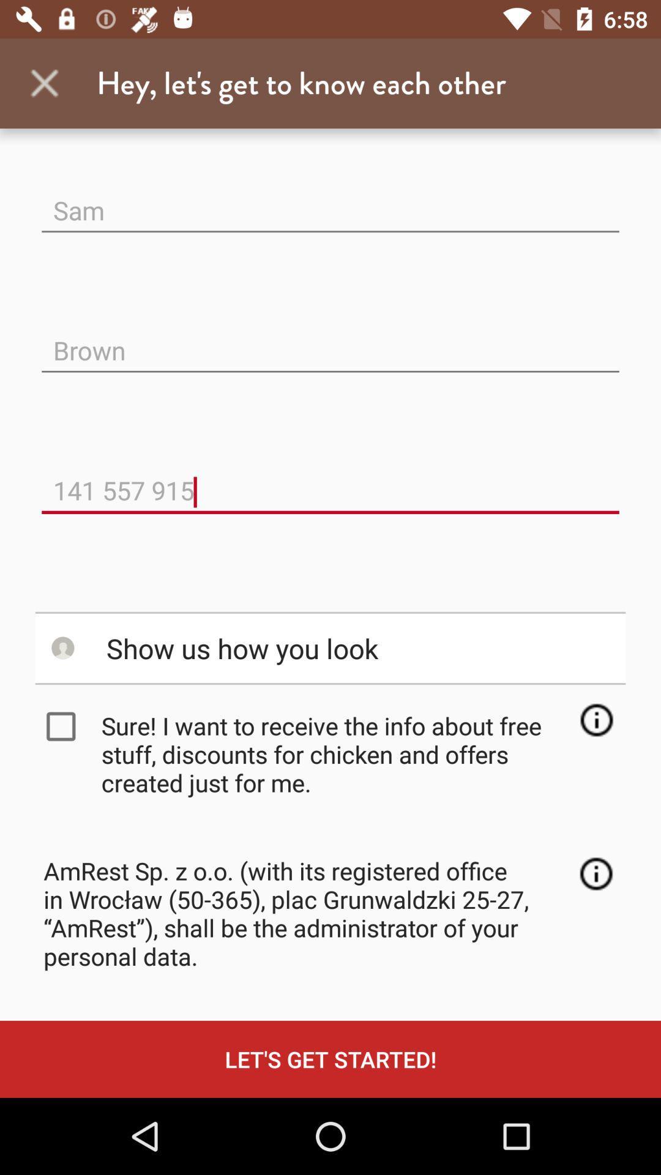 The width and height of the screenshot is (661, 1175). I want to click on instruction, so click(596, 720).